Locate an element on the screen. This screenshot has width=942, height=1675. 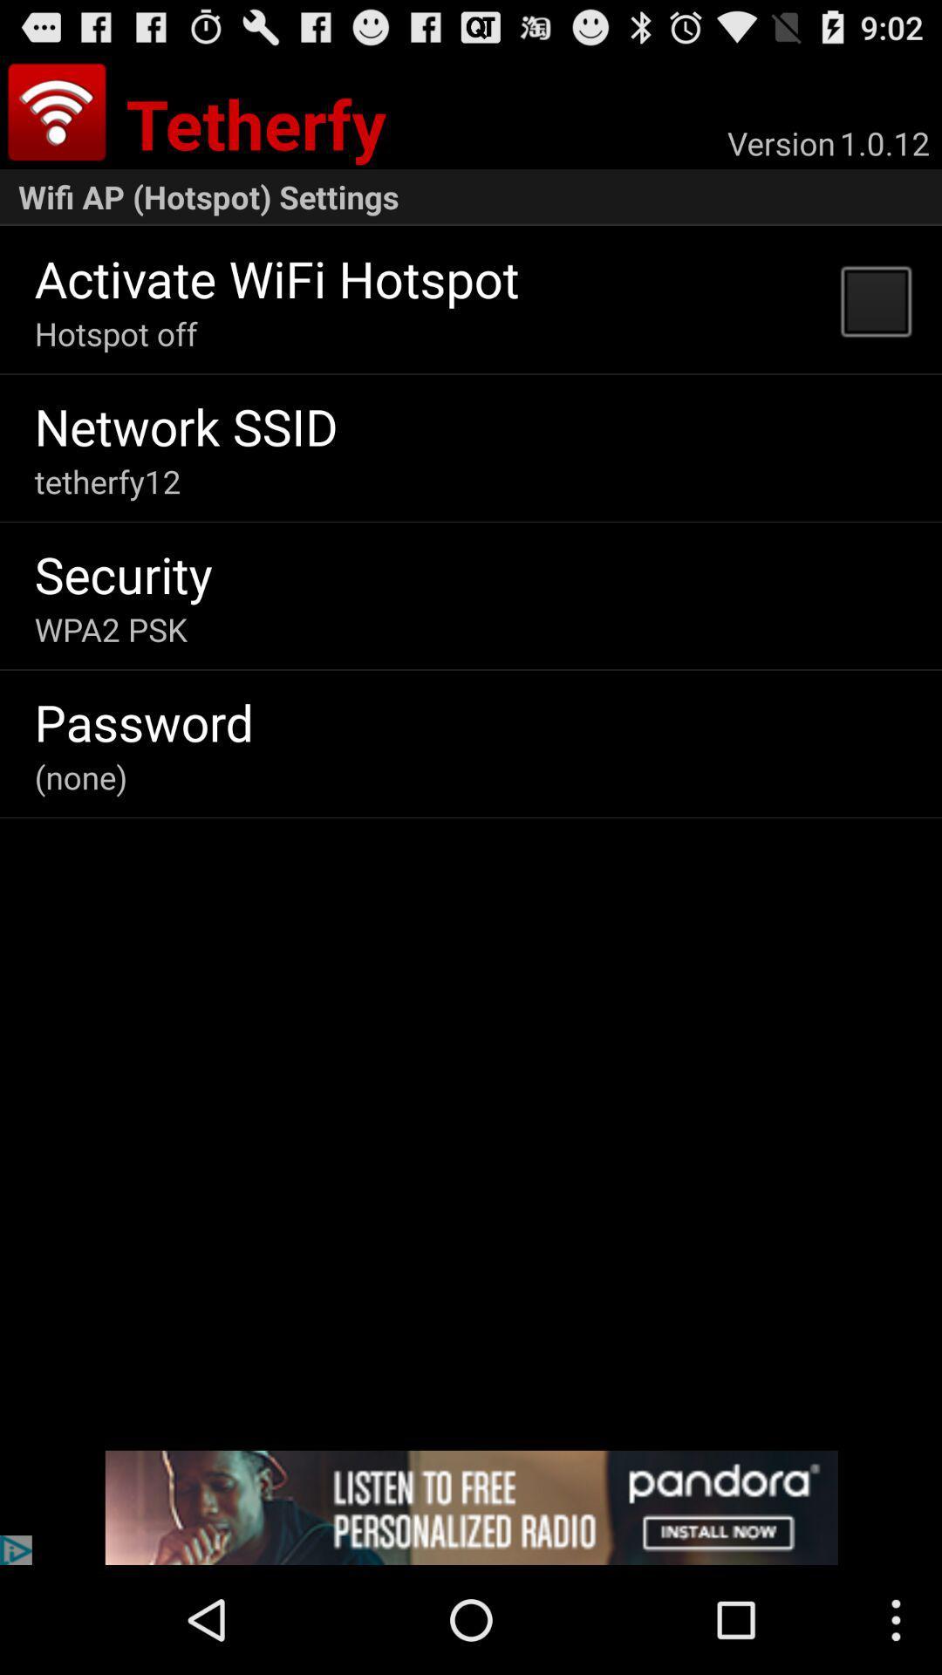
the wpa2 psk item is located at coordinates (111, 628).